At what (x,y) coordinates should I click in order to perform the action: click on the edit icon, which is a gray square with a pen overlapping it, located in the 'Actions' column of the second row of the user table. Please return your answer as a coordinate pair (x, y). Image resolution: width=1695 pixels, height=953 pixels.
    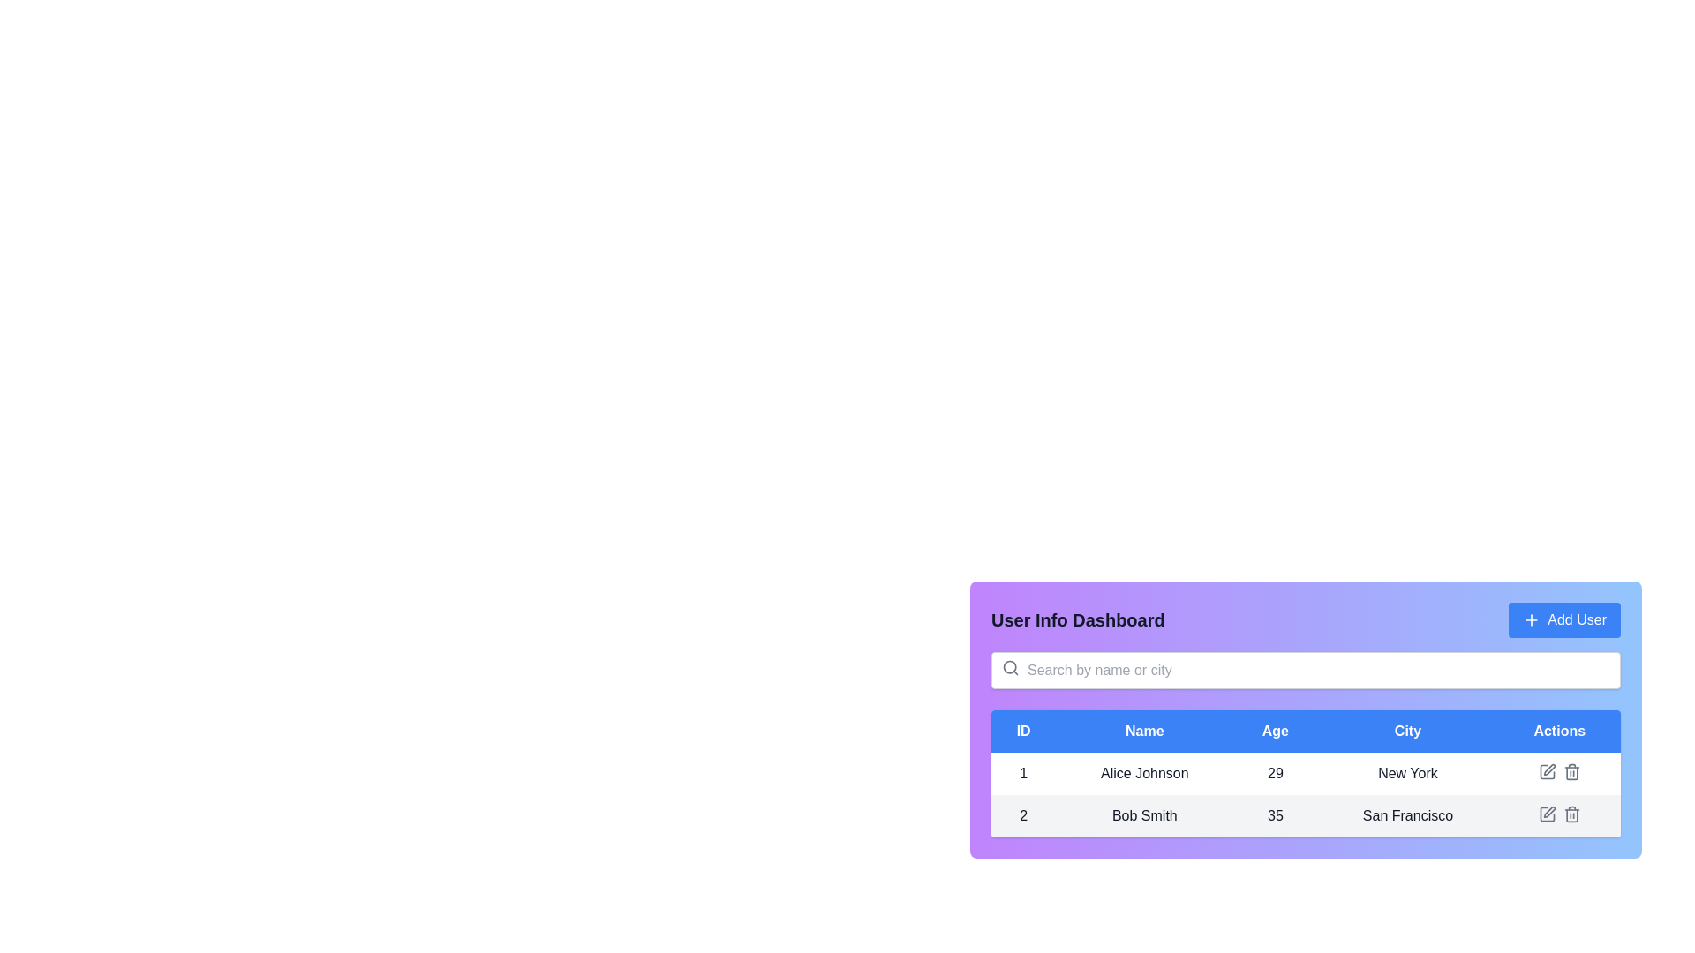
    Looking at the image, I should click on (1546, 814).